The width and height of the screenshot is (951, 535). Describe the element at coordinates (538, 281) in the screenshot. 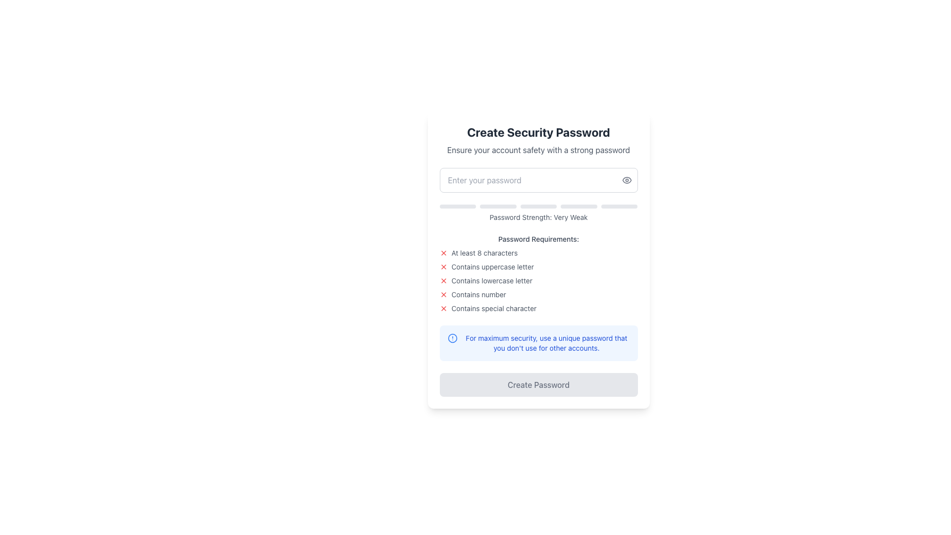

I see `the checklist item with the text 'Contains lowercase letter' and red 'X' icon, which indicates a non-fulfillment of a condition in the Password Requirements section` at that location.